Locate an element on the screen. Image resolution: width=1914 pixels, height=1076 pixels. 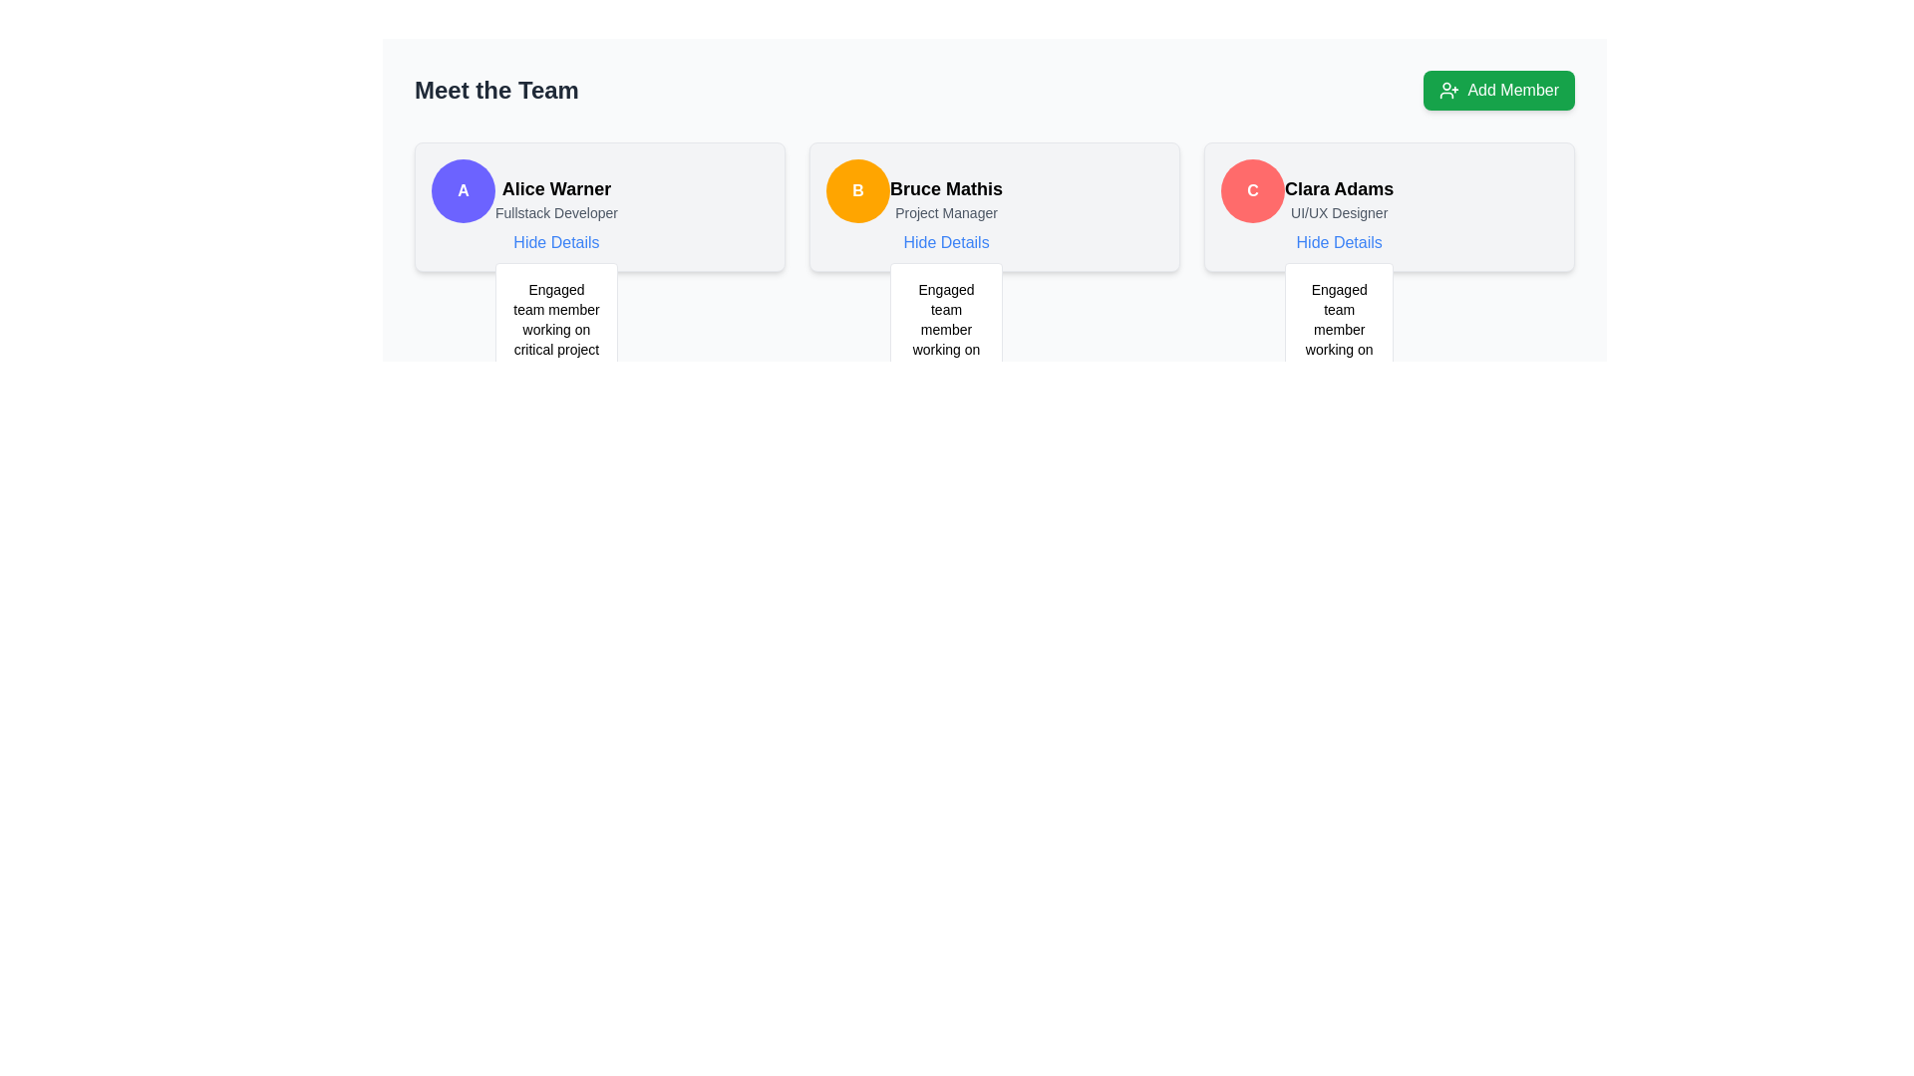
the text heading 'Alice Warner' located at the top of the team member profile card, positioned above the text 'Fullstack Developer' is located at coordinates (556, 188).